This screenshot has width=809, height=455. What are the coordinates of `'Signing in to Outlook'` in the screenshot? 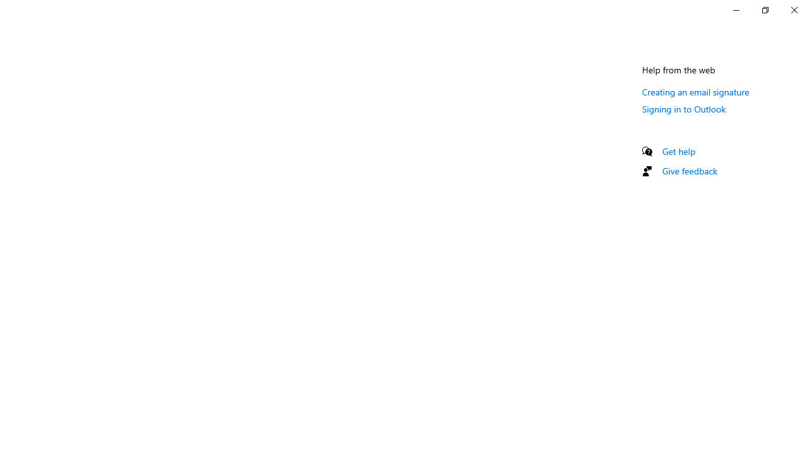 It's located at (683, 108).